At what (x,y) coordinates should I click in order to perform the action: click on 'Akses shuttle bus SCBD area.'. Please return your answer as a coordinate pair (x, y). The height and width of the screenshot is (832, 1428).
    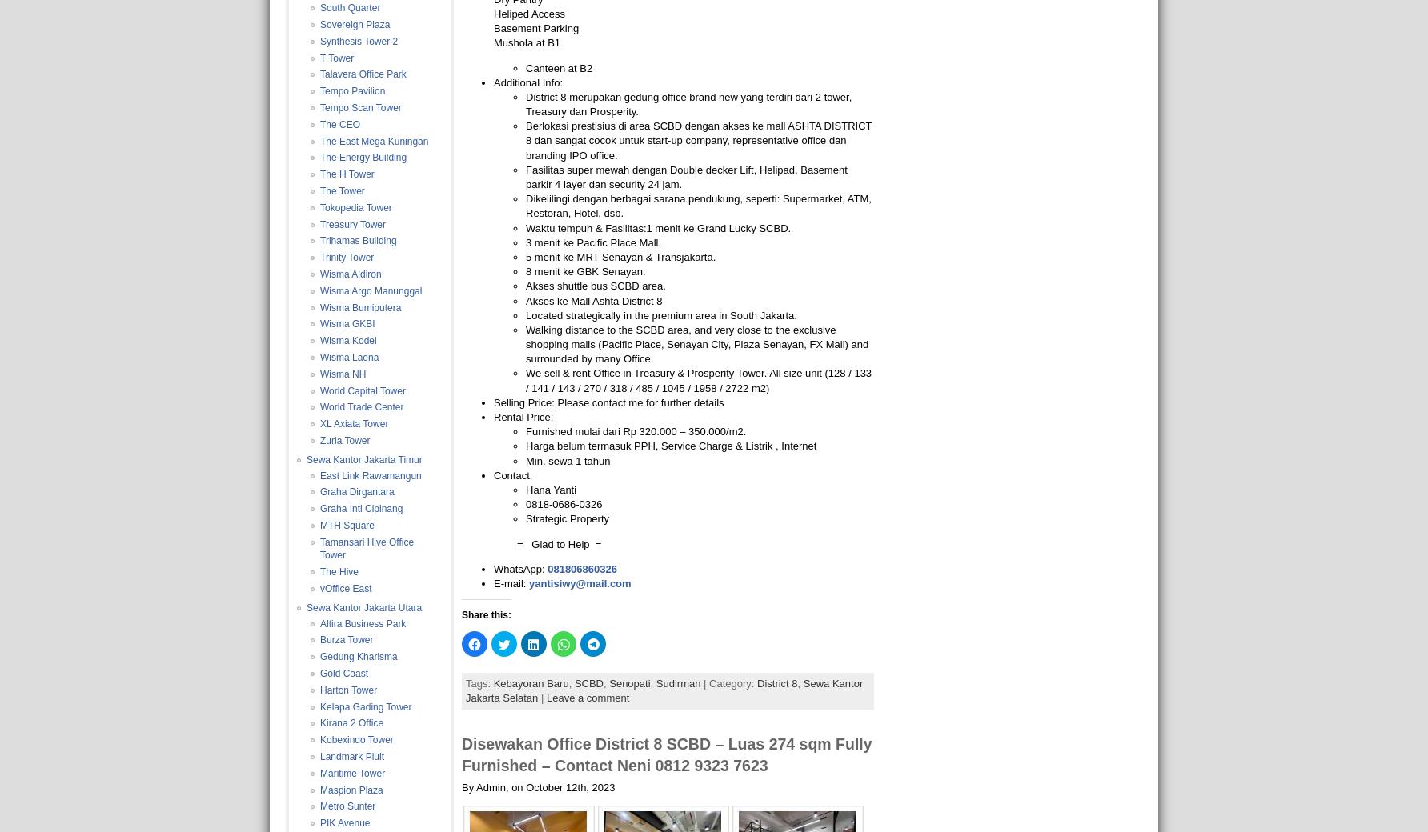
    Looking at the image, I should click on (525, 285).